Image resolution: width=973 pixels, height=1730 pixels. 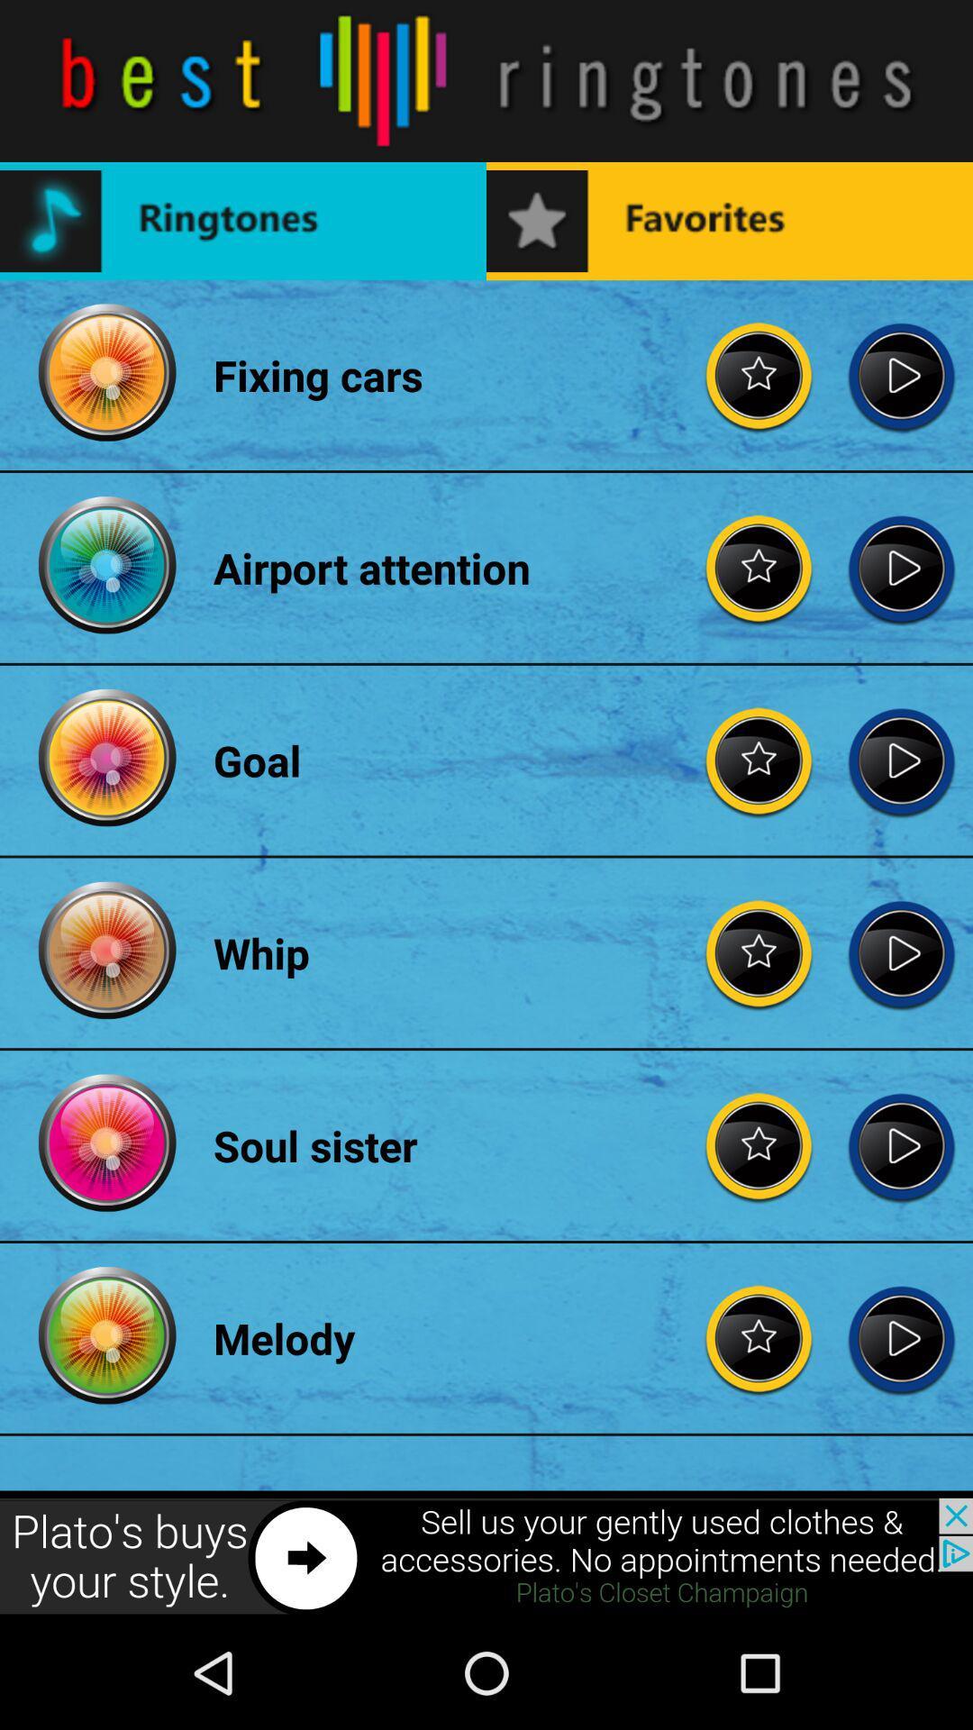 What do you see at coordinates (759, 951) in the screenshot?
I see `the item` at bounding box center [759, 951].